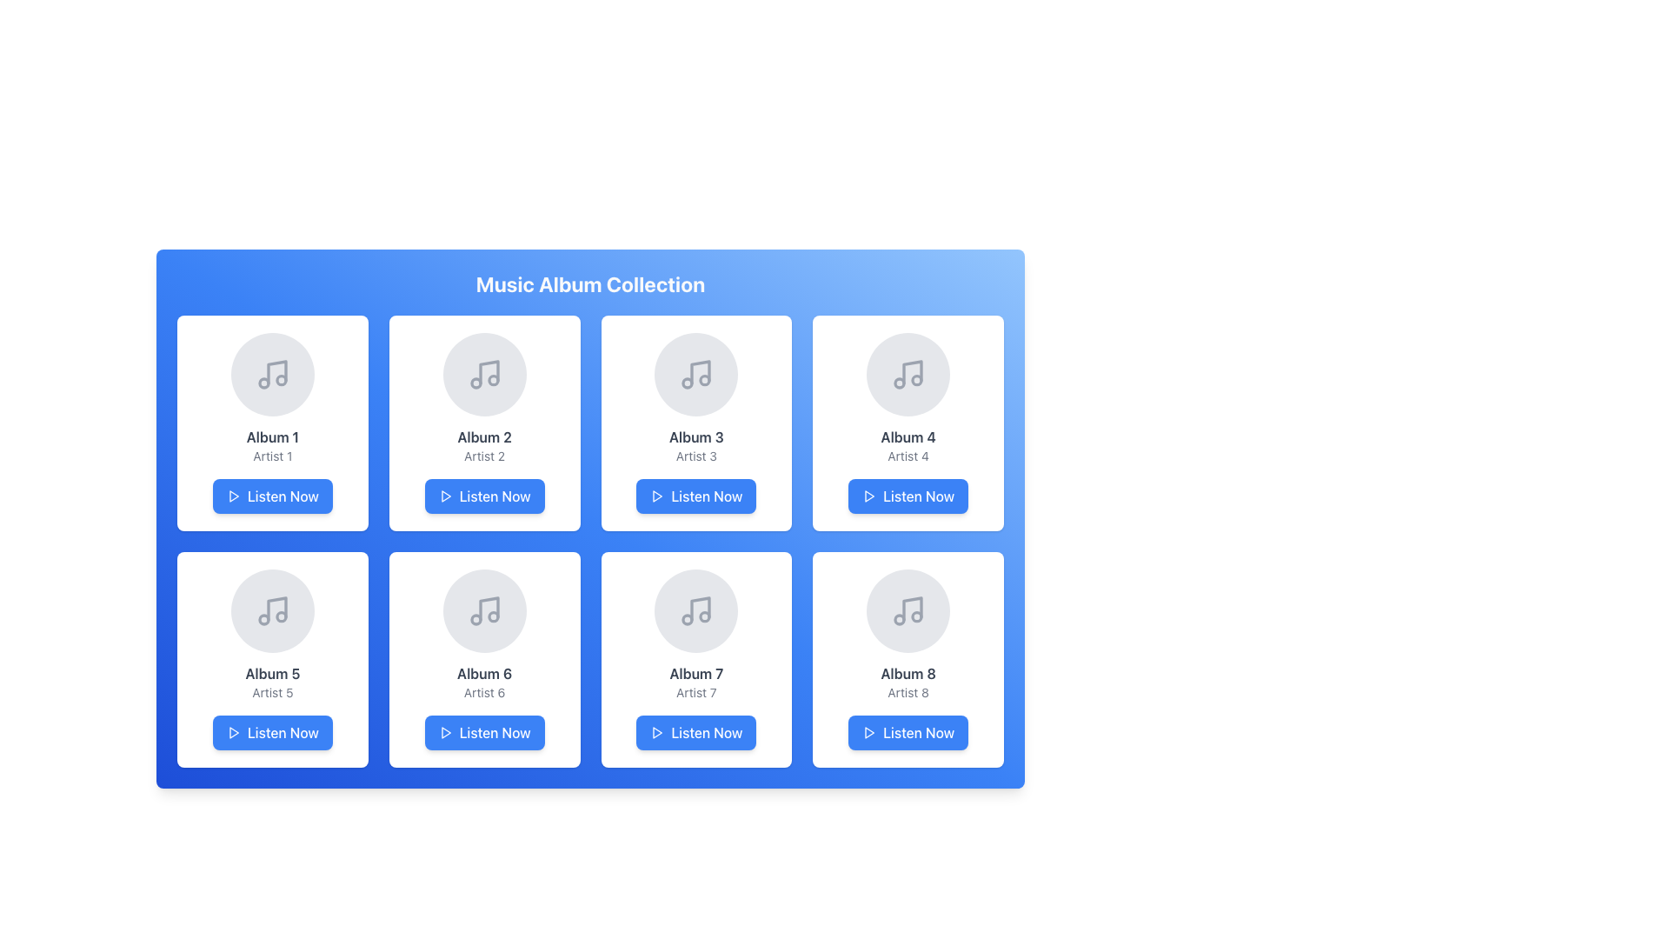 The height and width of the screenshot is (939, 1669). I want to click on the 'Listen Now' button, which has a blue background, white text, and a play icon, so click(271, 496).